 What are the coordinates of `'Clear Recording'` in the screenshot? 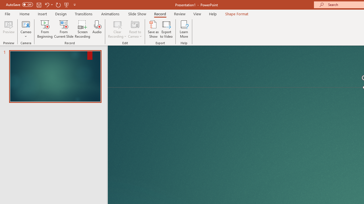 It's located at (117, 29).